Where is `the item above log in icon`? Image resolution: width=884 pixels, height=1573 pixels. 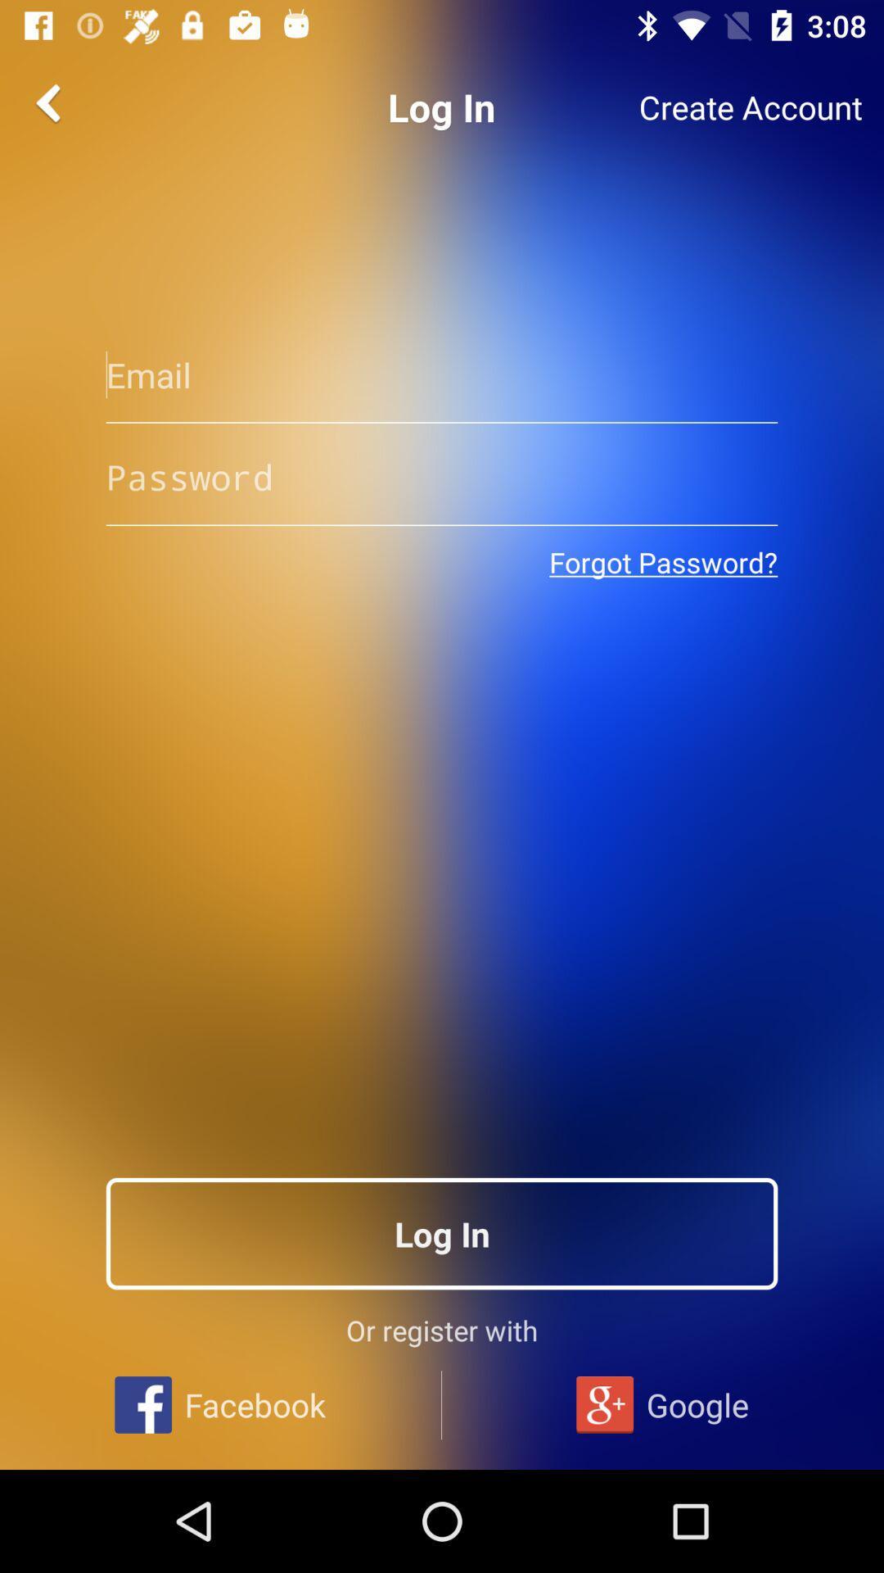
the item above log in icon is located at coordinates (663, 562).